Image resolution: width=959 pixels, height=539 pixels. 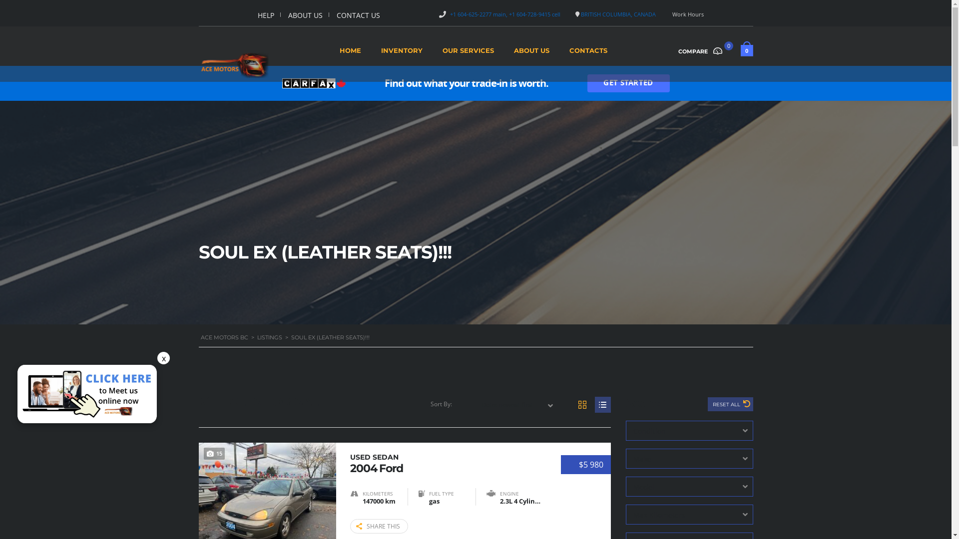 I want to click on '0', so click(x=740, y=52).